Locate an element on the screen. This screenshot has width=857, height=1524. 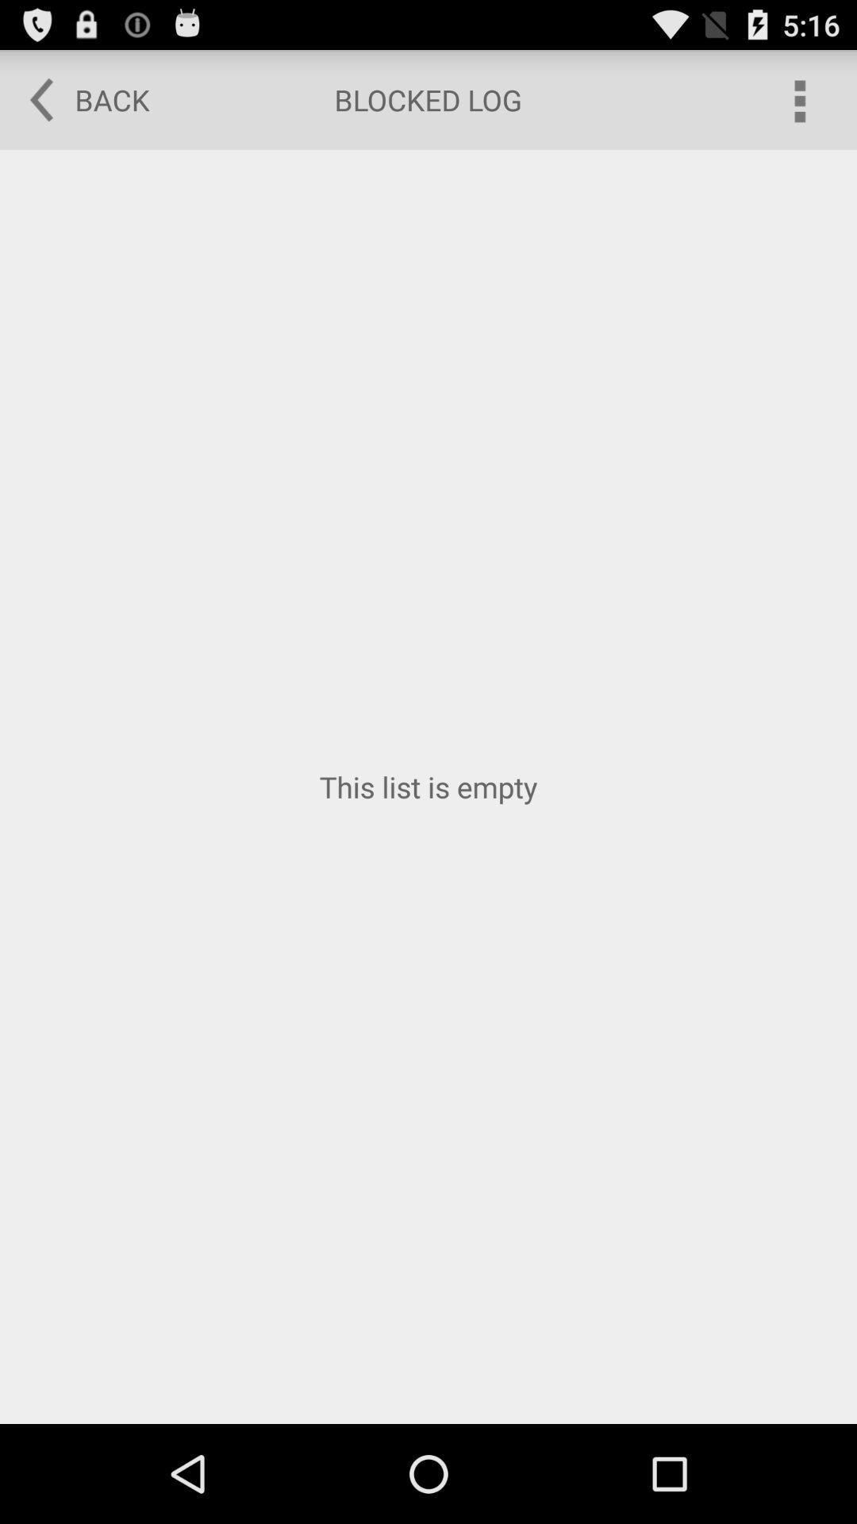
app above the this list is item is located at coordinates (798, 98).